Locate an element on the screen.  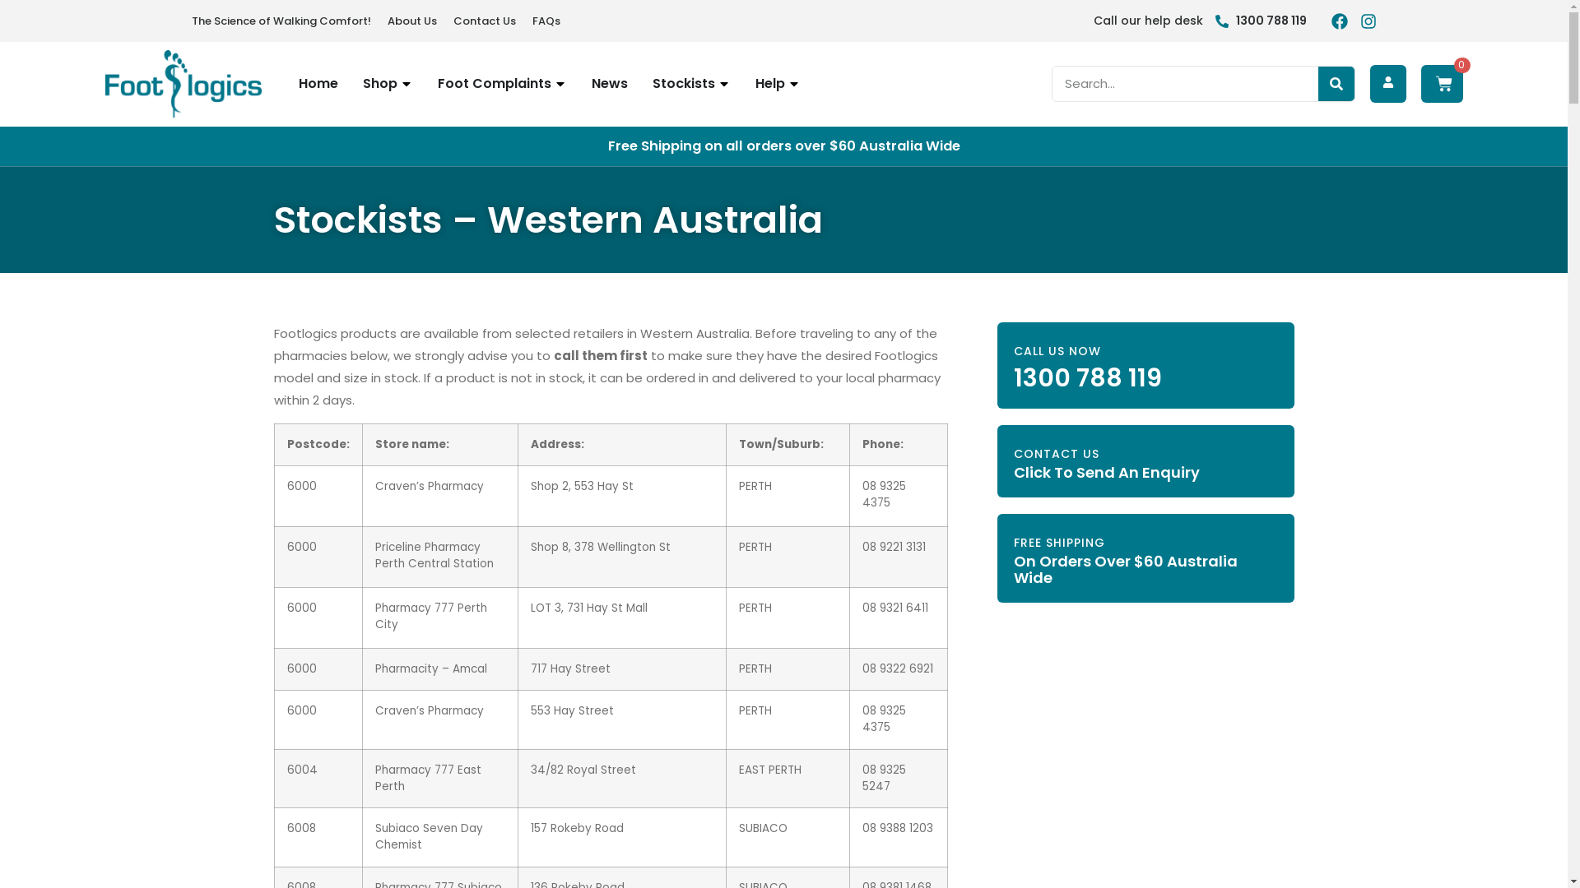
'Shop' is located at coordinates (378, 83).